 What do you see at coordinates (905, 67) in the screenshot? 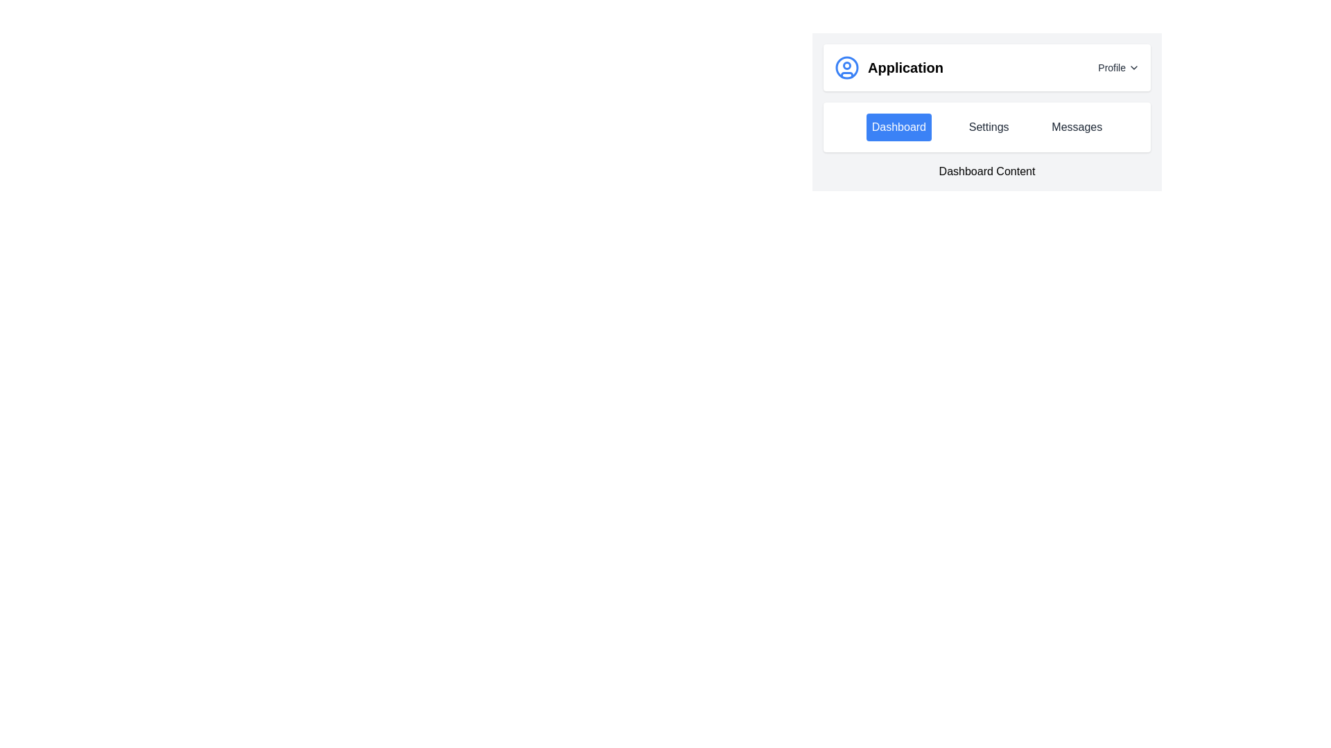
I see `the text label that serves as the header or title, located in the top section of the interface, positioned between a blue user avatar icon and a 'Profile' menu dropdown` at bounding box center [905, 67].